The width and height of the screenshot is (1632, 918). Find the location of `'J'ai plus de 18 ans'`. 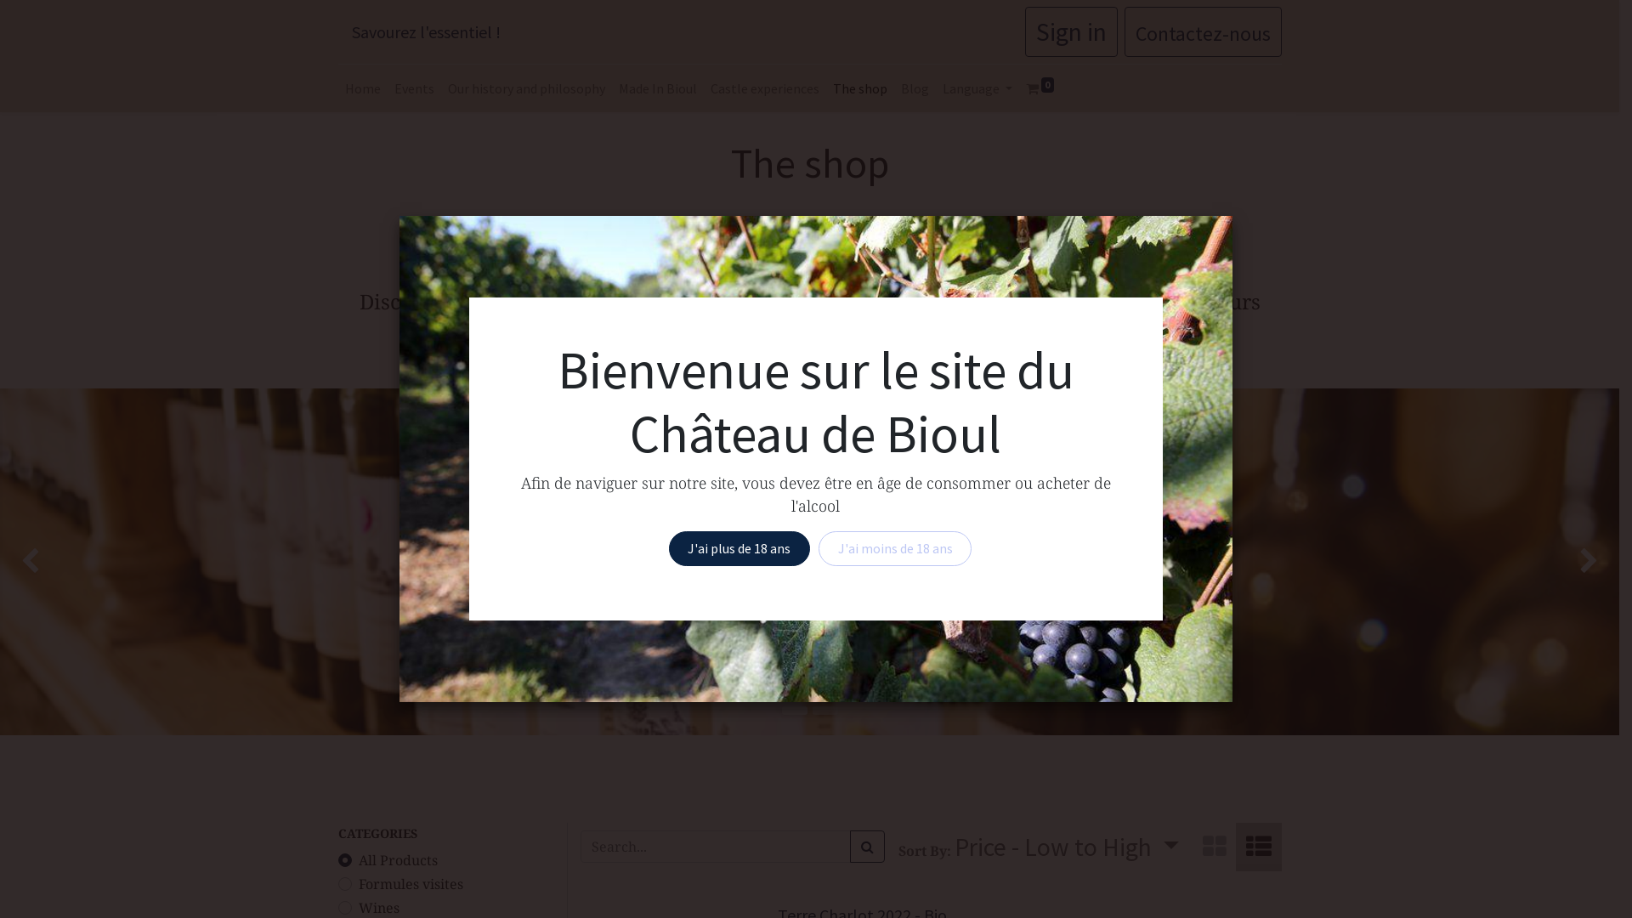

'J'ai plus de 18 ans' is located at coordinates (739, 547).